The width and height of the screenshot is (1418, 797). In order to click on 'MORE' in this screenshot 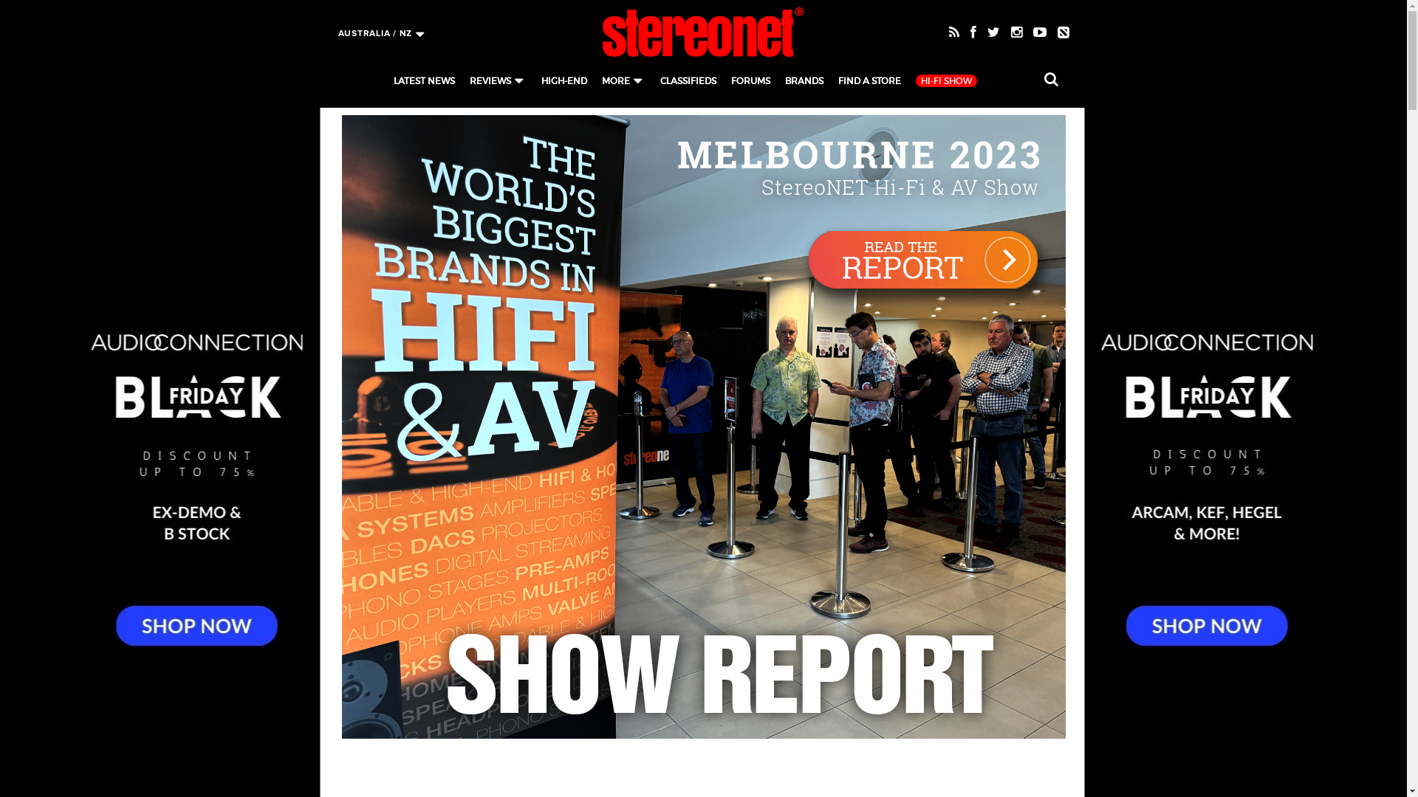, I will do `click(616, 80)`.